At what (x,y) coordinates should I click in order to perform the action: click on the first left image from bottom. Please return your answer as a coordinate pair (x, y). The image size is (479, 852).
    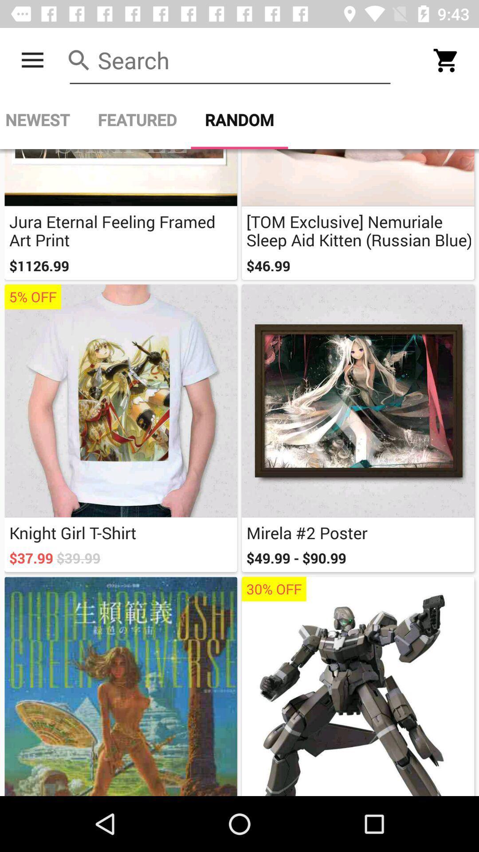
    Looking at the image, I should click on (121, 686).